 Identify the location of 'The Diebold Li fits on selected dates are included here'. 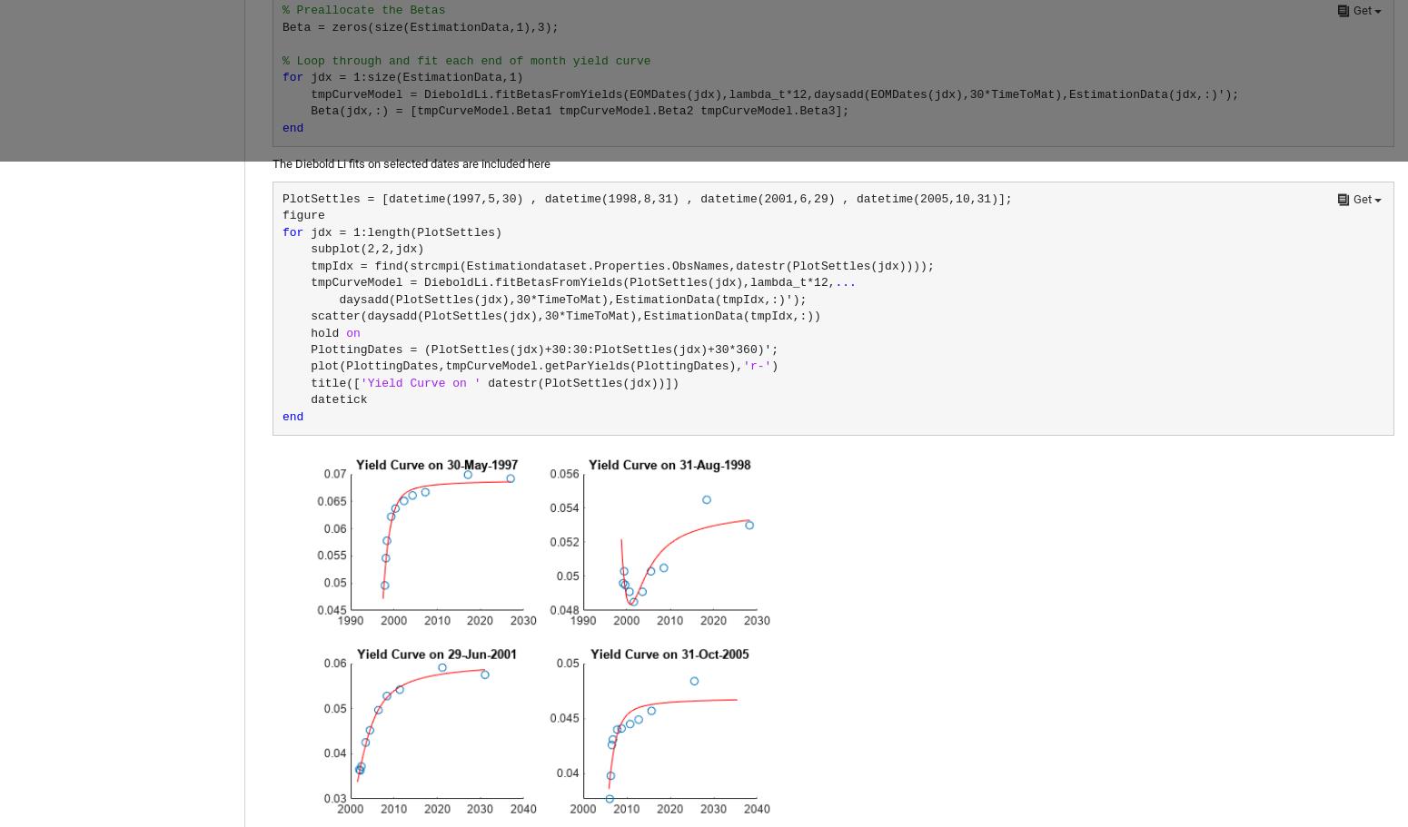
(411, 162).